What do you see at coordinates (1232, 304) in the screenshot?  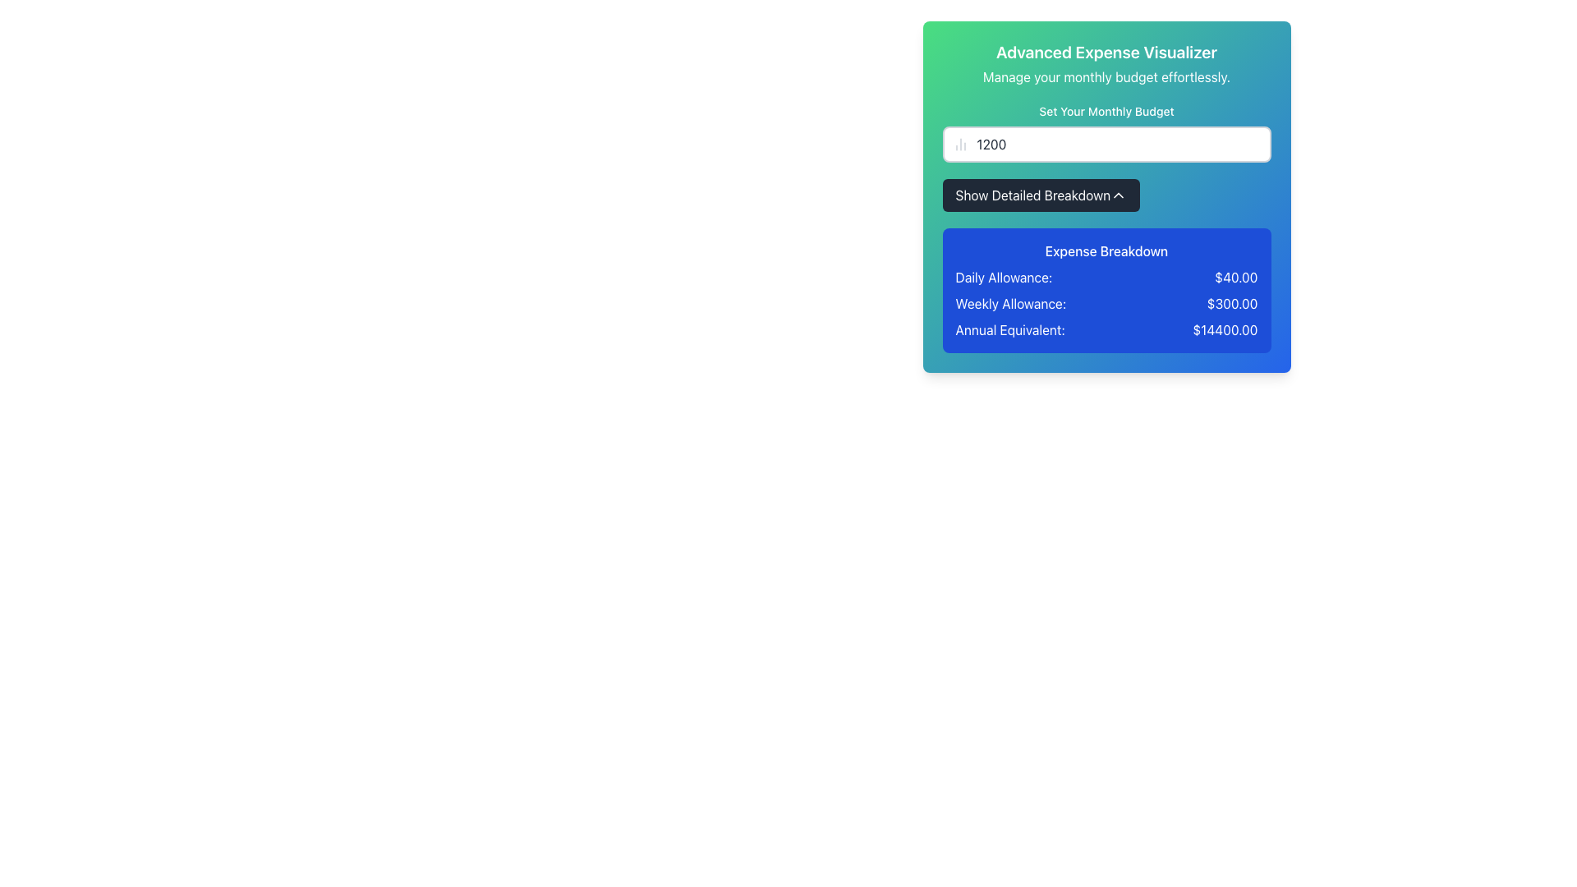 I see `the informative label indicating the weekly allowance amount, located on the right side of the 'Weekly Allowance:' label within the expense breakdown card` at bounding box center [1232, 304].